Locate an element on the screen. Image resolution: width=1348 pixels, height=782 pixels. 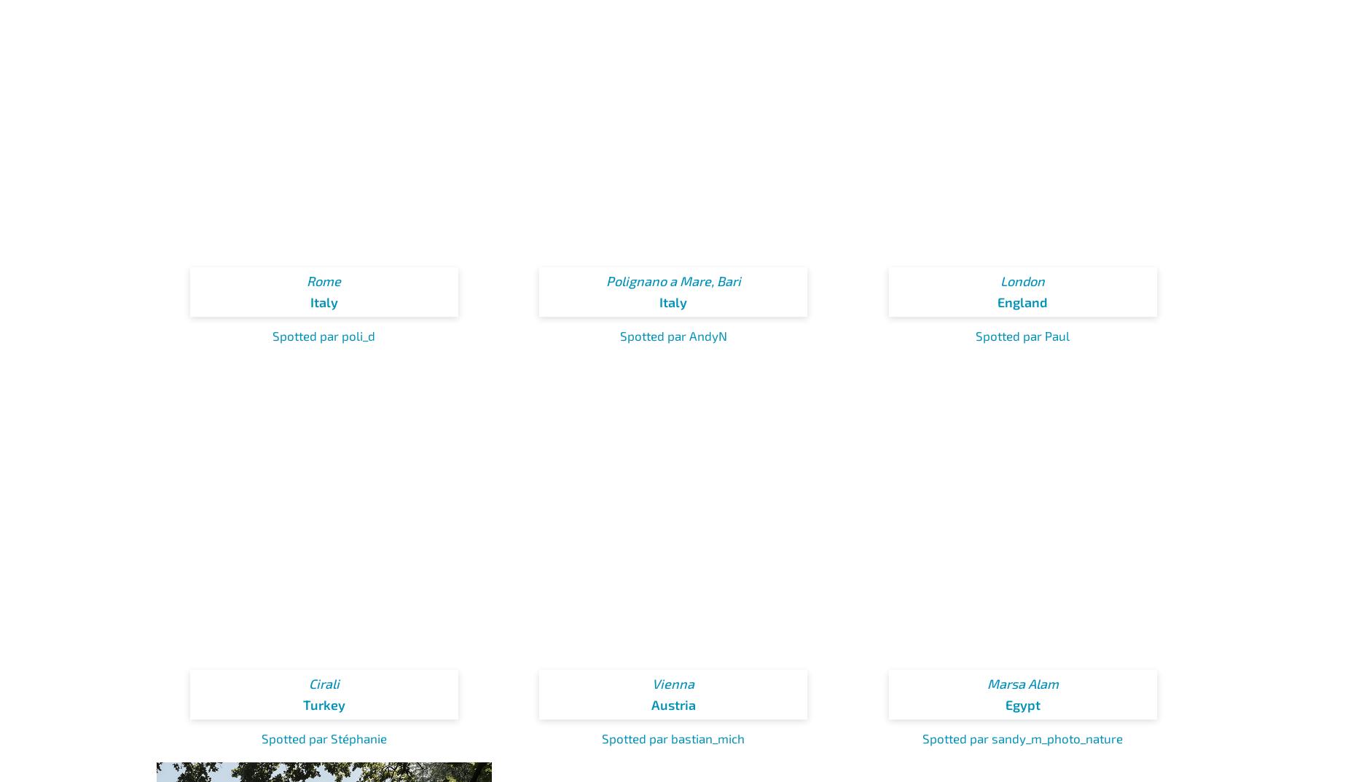
'Spotted par bastian_mich' is located at coordinates (673, 736).